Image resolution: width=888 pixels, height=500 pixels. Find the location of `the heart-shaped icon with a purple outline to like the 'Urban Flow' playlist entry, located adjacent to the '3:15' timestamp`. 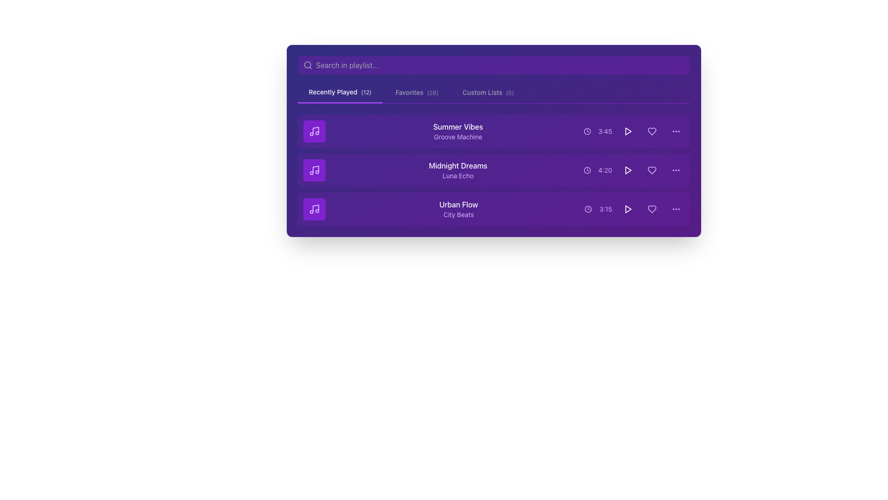

the heart-shaped icon with a purple outline to like the 'Urban Flow' playlist entry, located adjacent to the '3:15' timestamp is located at coordinates (651, 209).